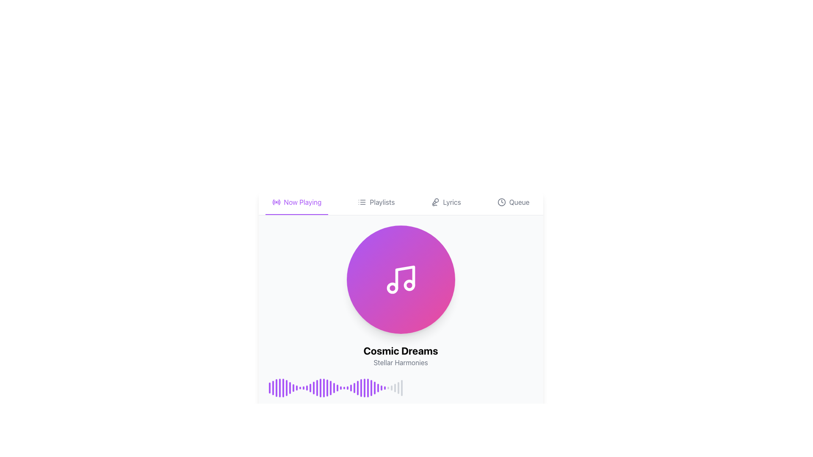 The image size is (813, 457). Describe the element at coordinates (519, 202) in the screenshot. I see `the text label indicating a section or feature related to managing queue items, located at the top-right of the layout, to the immediate right of the clock icon` at that location.